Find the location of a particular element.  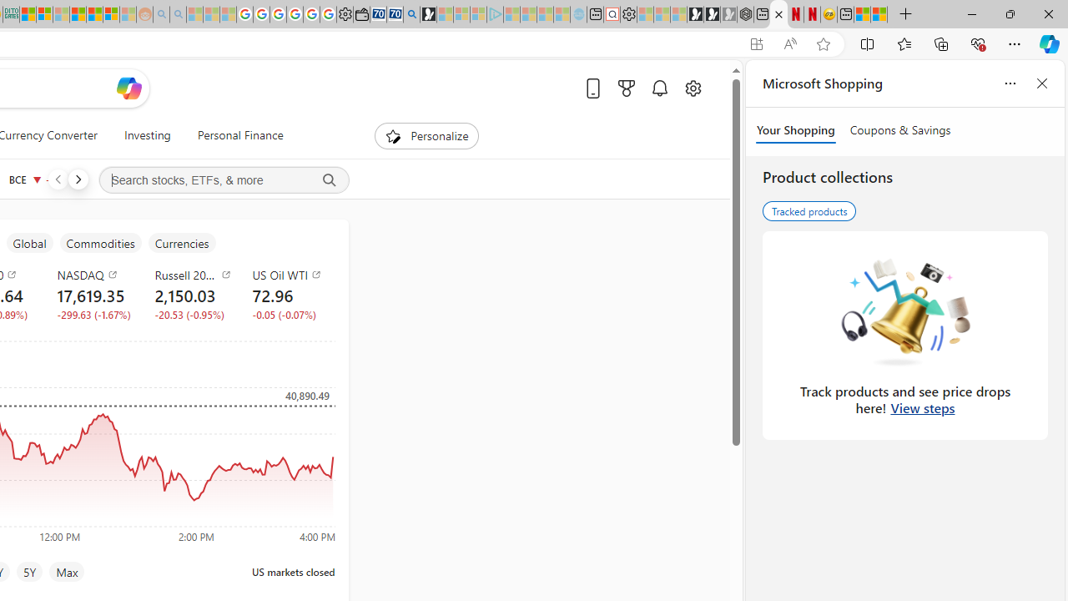

'Kinda Frugal - MSN' is located at coordinates (93, 14).